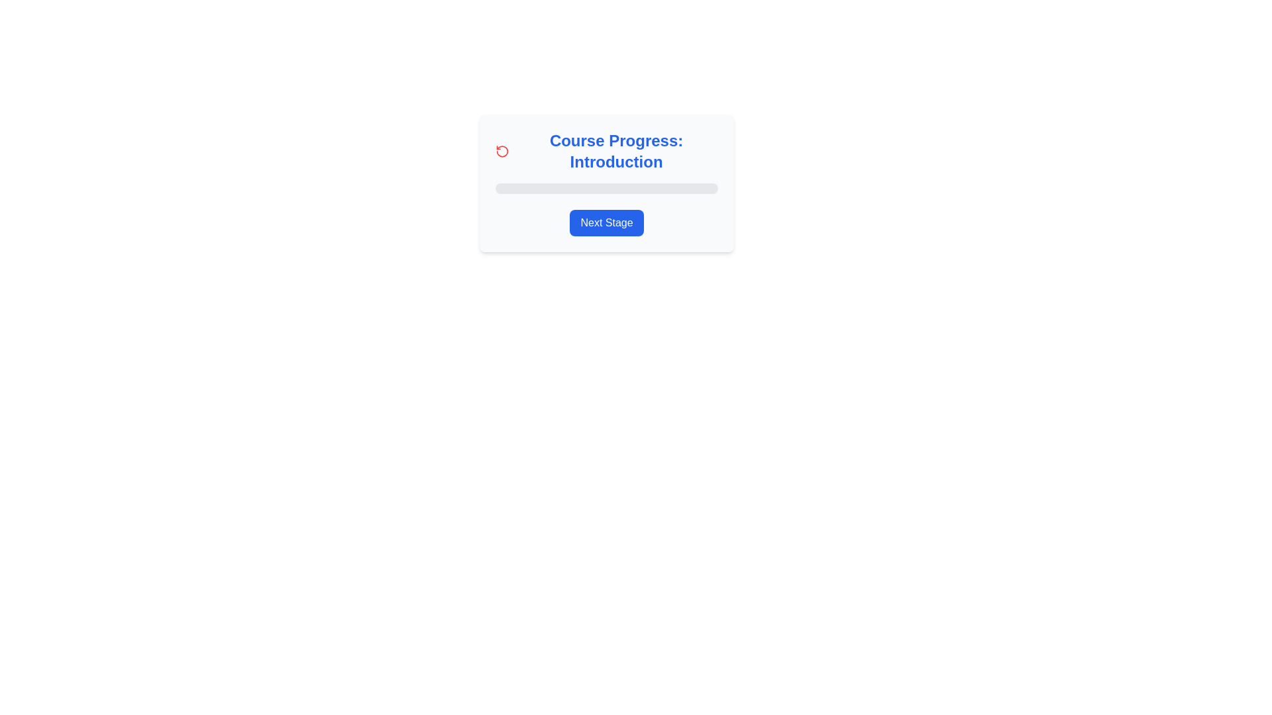 This screenshot has width=1272, height=715. I want to click on the red circular arrow icon resembling a counter-clockwise rotation symbol located to the left of the 'Course Progress: Introduction' title, so click(502, 150).